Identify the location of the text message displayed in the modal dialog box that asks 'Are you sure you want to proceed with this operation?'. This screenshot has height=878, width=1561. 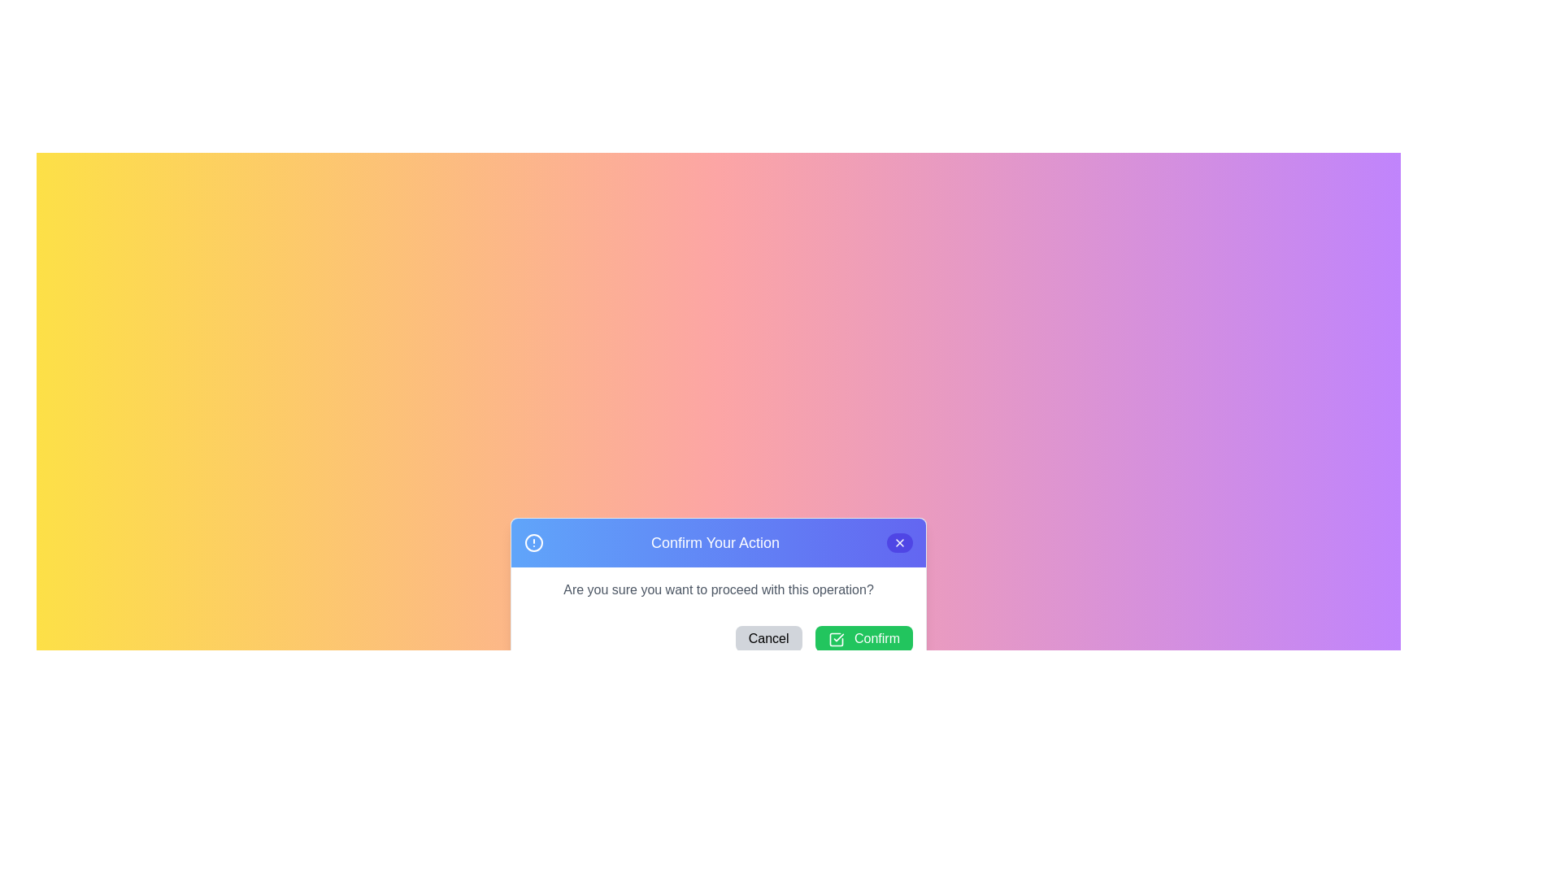
(717, 589).